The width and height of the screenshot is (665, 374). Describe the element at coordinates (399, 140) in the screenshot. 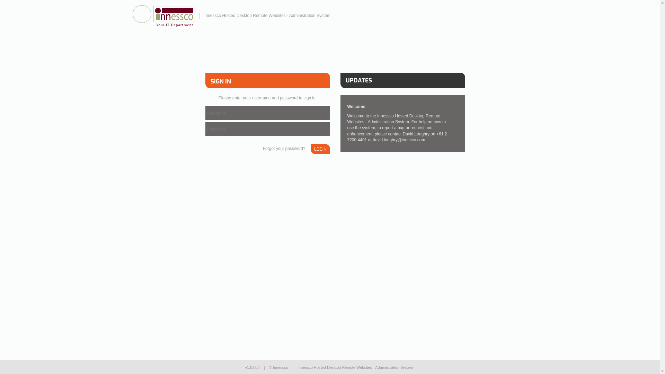

I see `'david.loughry@innesco.com'` at that location.